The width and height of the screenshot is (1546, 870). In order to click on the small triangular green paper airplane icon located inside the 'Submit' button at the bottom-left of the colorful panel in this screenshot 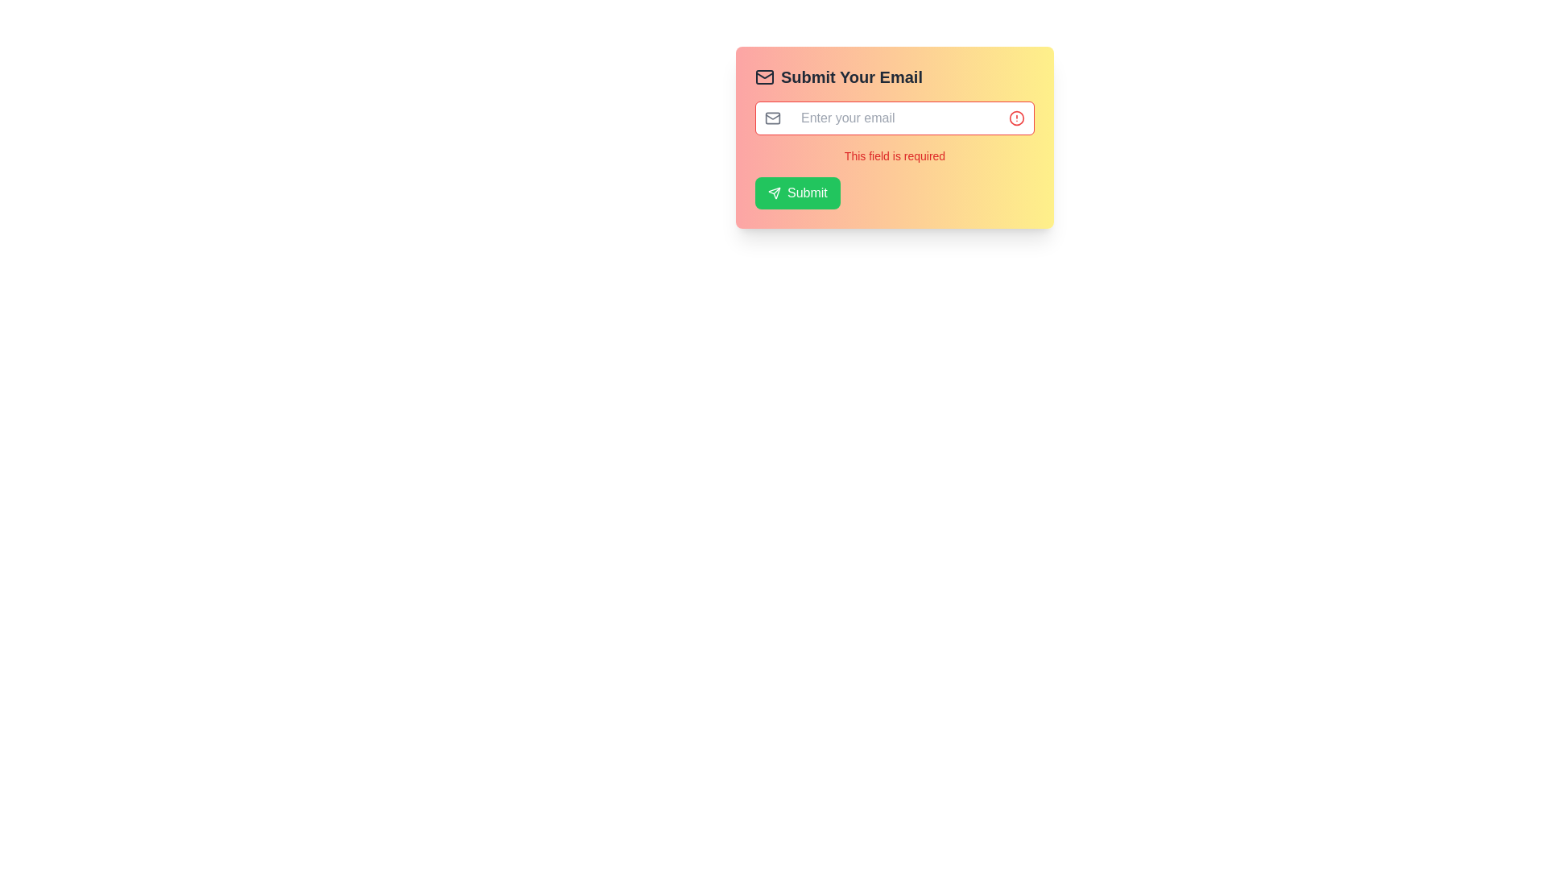, I will do `click(774, 192)`.